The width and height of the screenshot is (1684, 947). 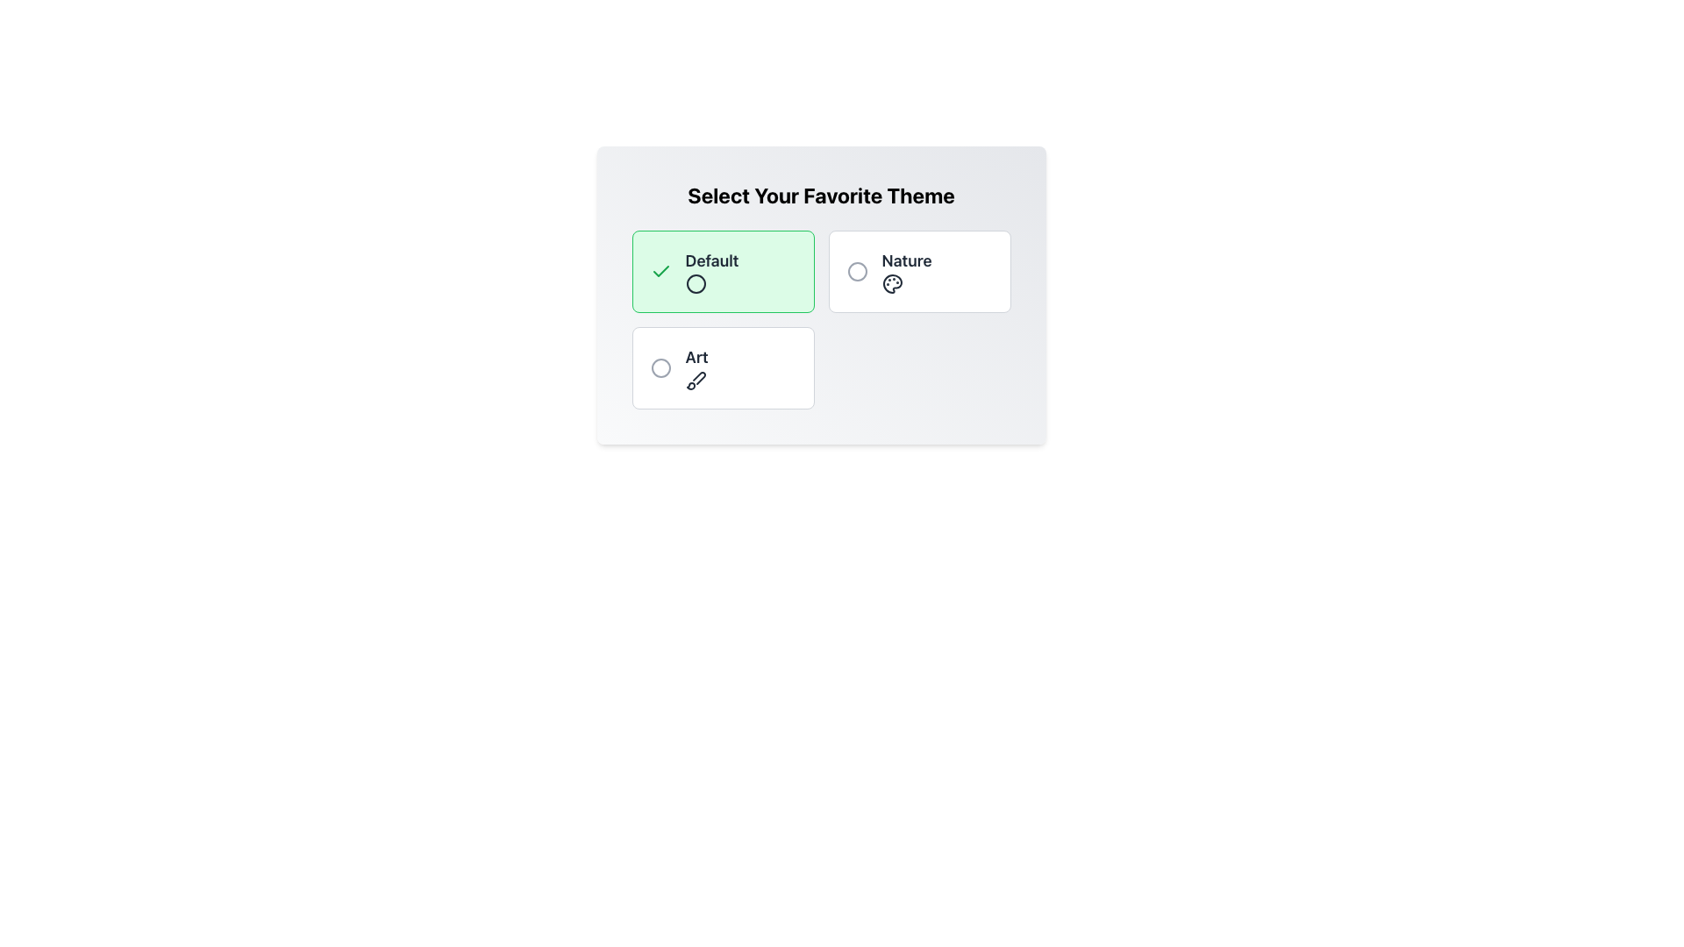 What do you see at coordinates (696, 357) in the screenshot?
I see `the text label displaying 'Art' which is located within a white box beneath the 'Default' option and to the left of a brush icon` at bounding box center [696, 357].